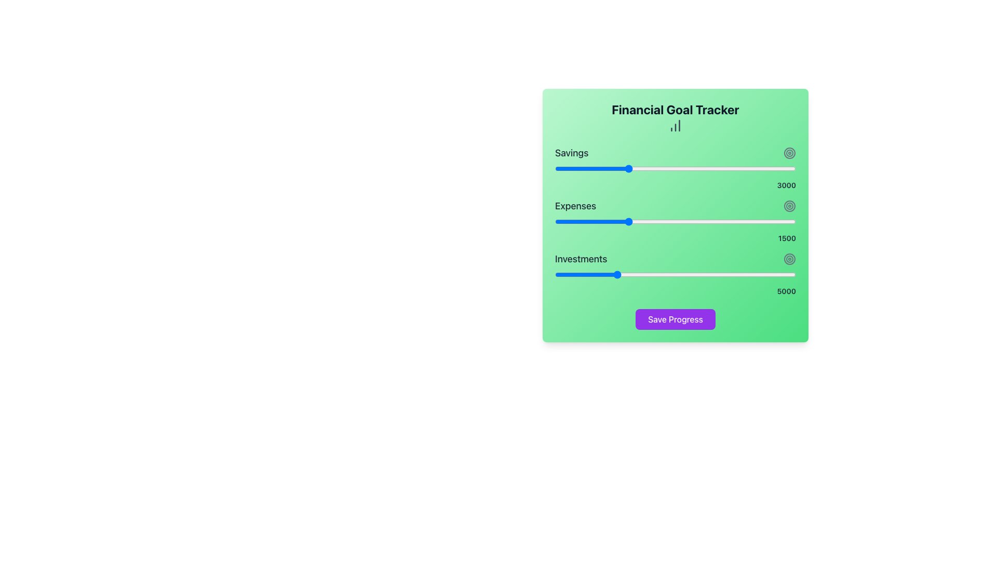 This screenshot has width=997, height=561. I want to click on the savings value, so click(732, 168).